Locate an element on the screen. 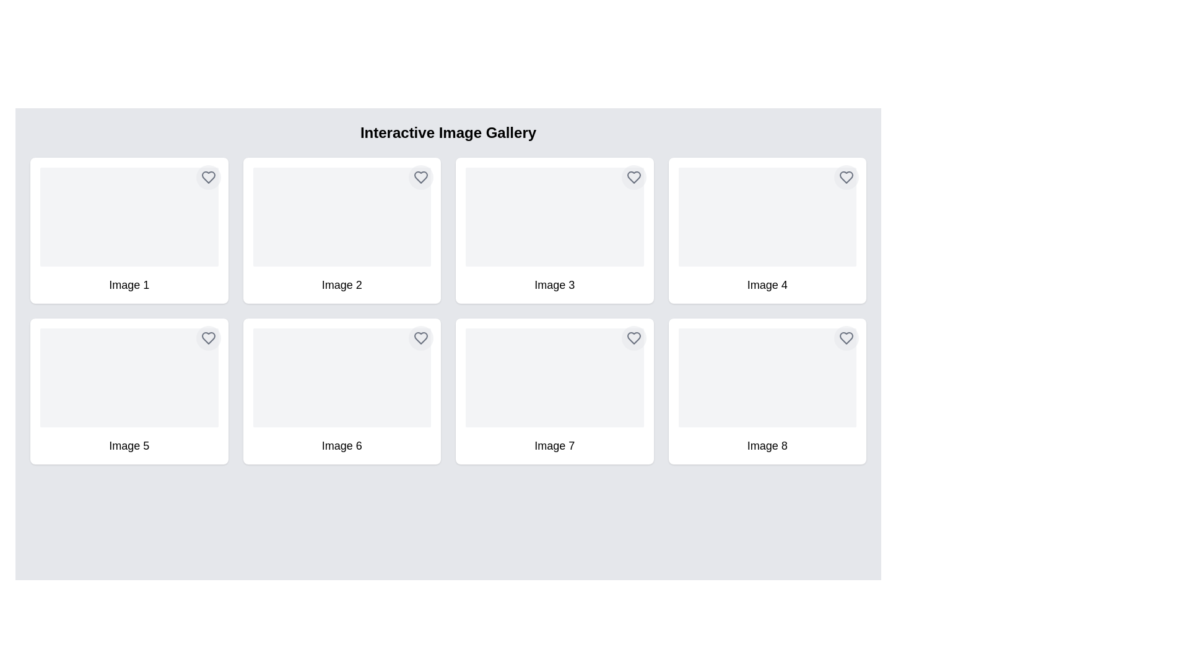  on the Gallery card located in the first row, fourth column of the grid layout, which serves as a placeholder for a gallery item and allows users is located at coordinates (767, 231).